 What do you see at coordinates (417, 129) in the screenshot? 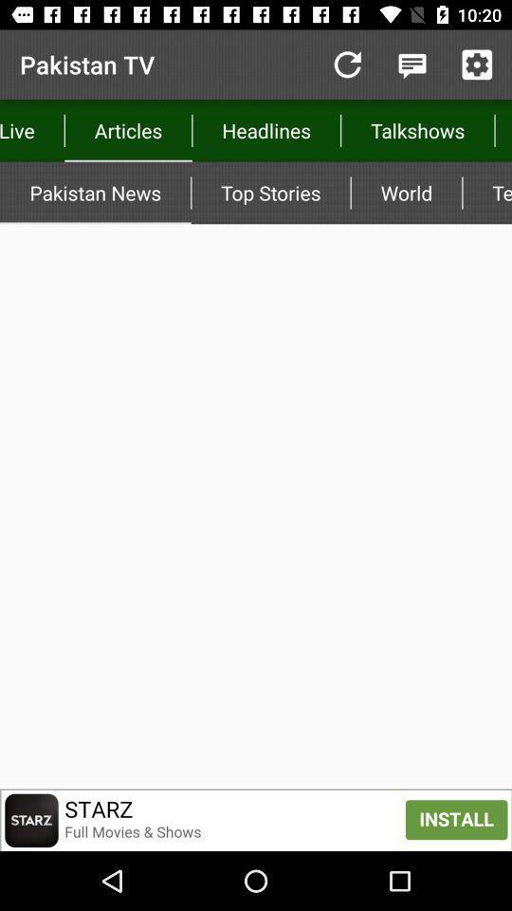
I see `item above top stories` at bounding box center [417, 129].